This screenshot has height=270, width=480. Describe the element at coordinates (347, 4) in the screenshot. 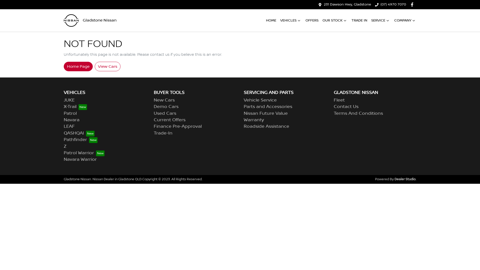

I see `'231 Dawson Hwy, Gladstone'` at that location.